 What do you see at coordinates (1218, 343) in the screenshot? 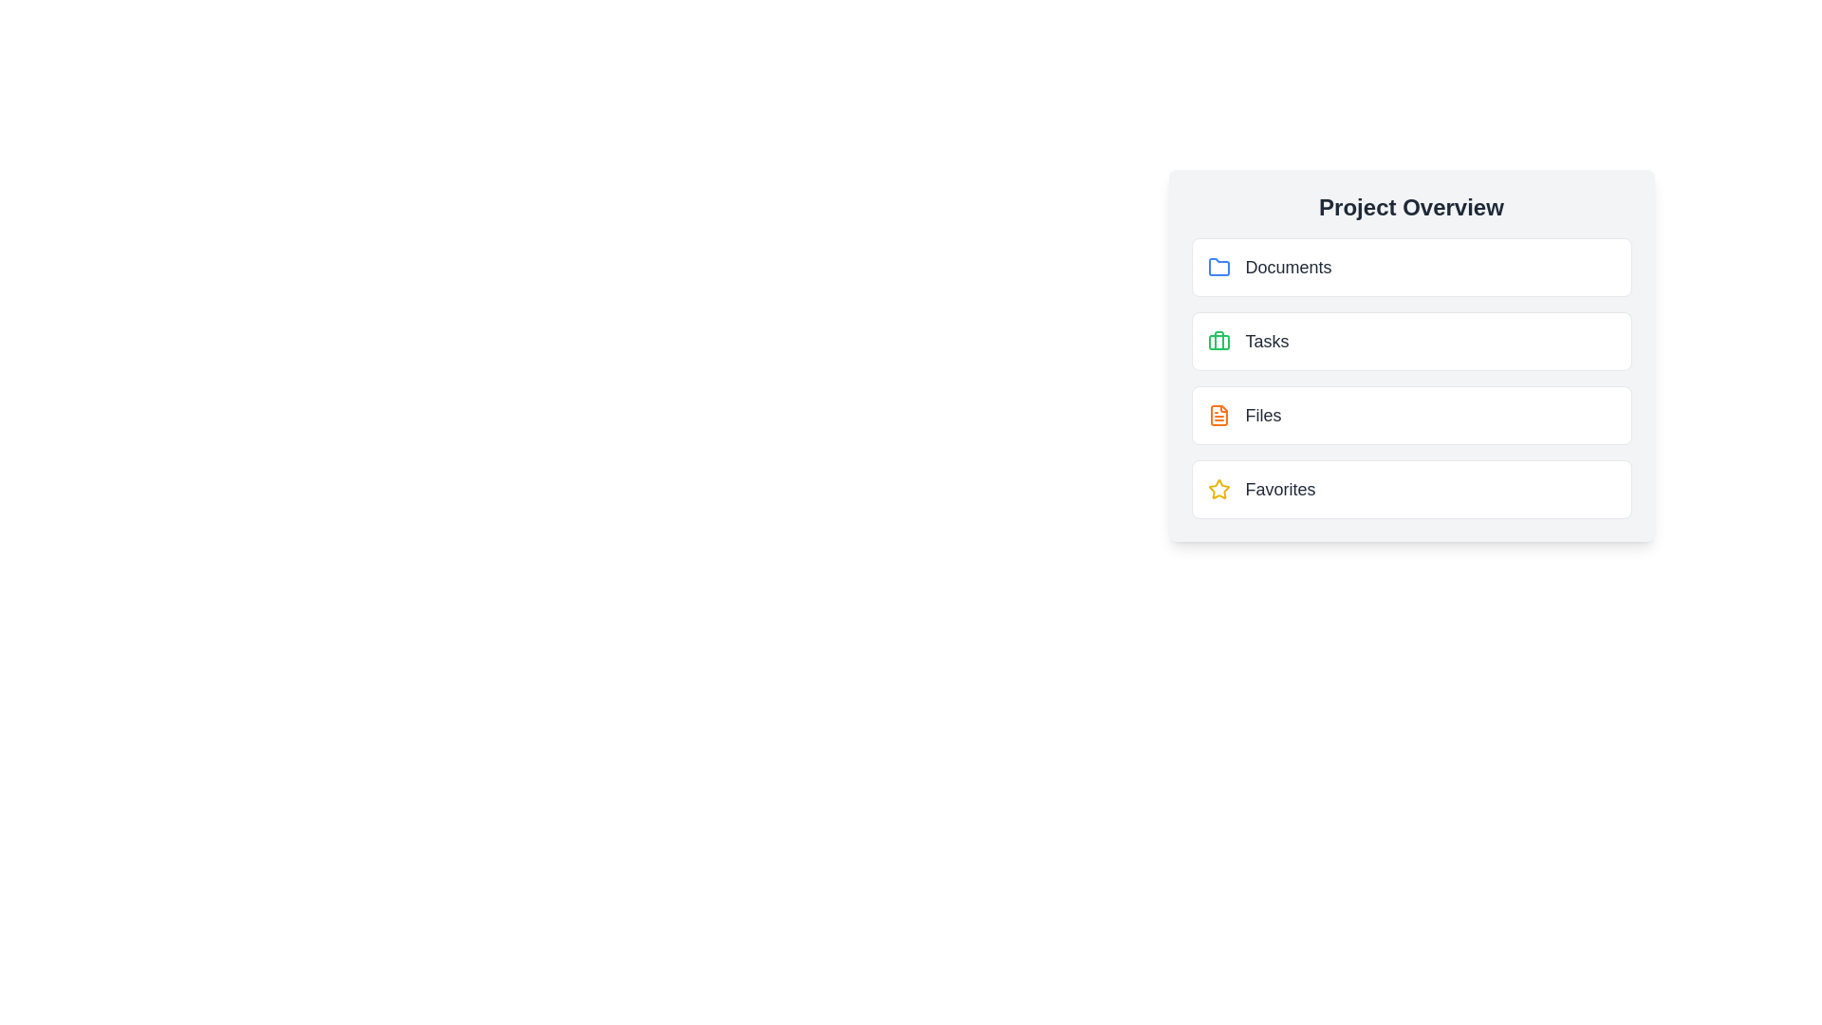
I see `the SVG rectangular shape with rounded corners that is part of the second icon under 'Project Overview', adjacent to the 'Tasks' label` at bounding box center [1218, 343].